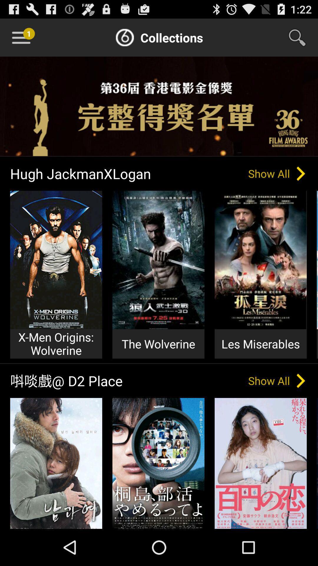 The image size is (318, 566). Describe the element at coordinates (260, 260) in the screenshot. I see `image above les miserables text` at that location.